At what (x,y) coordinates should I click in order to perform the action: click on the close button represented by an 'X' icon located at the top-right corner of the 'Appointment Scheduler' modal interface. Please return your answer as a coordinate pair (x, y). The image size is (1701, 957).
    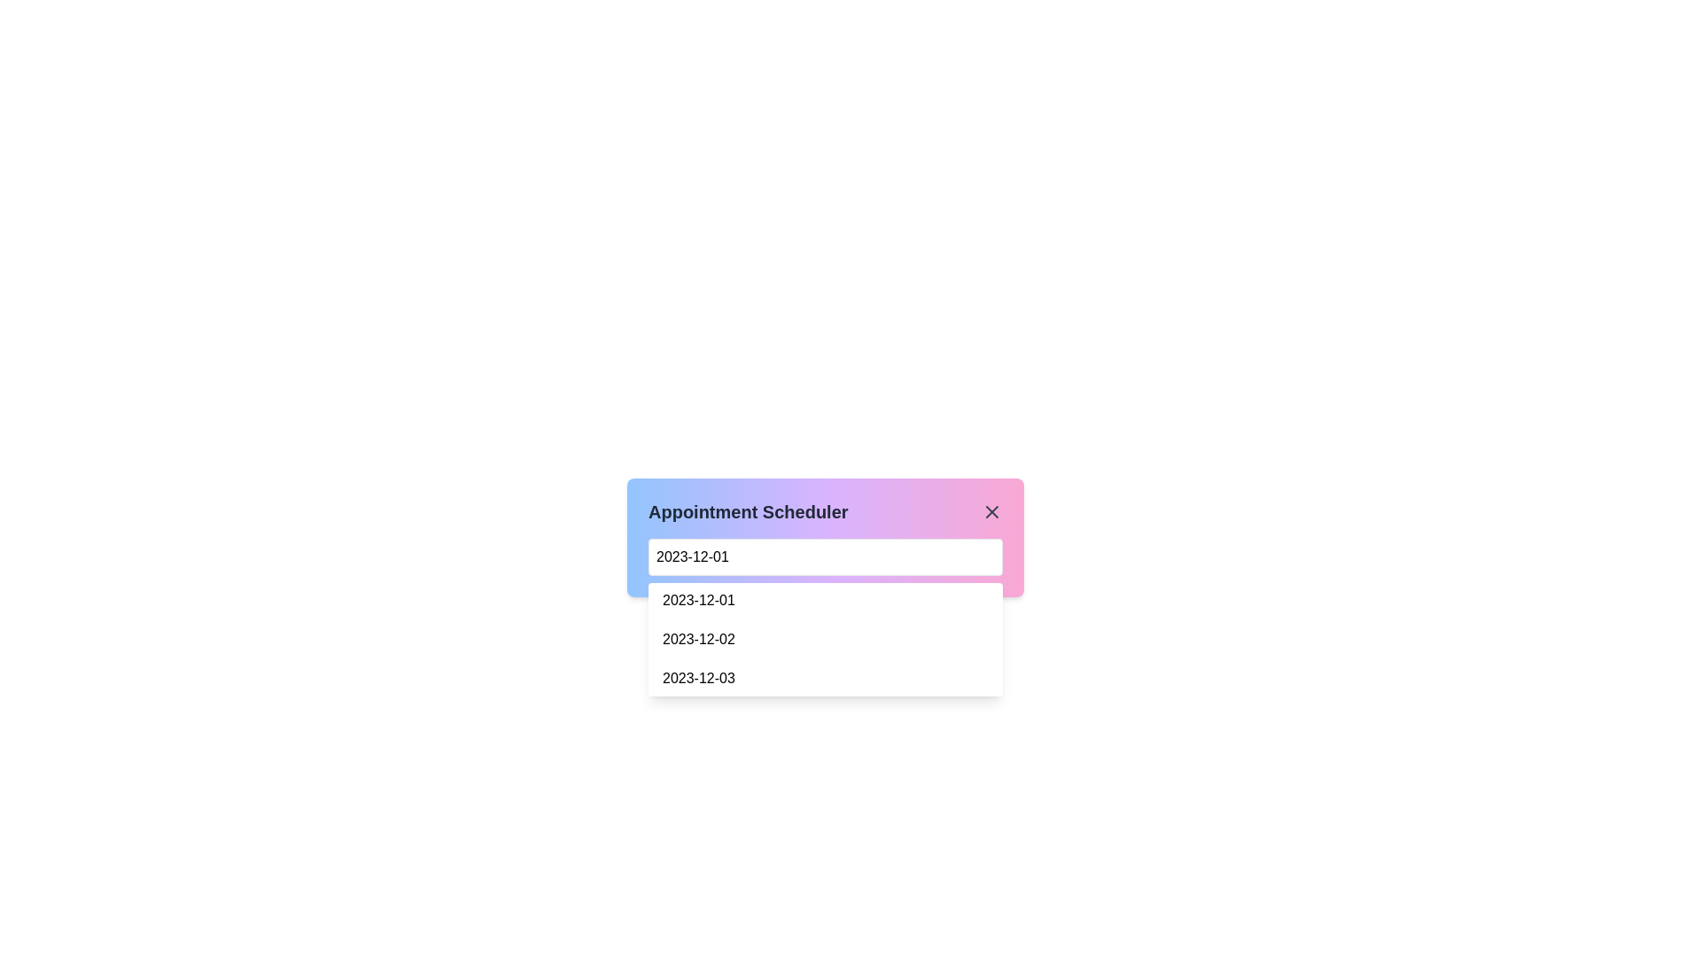
    Looking at the image, I should click on (990, 512).